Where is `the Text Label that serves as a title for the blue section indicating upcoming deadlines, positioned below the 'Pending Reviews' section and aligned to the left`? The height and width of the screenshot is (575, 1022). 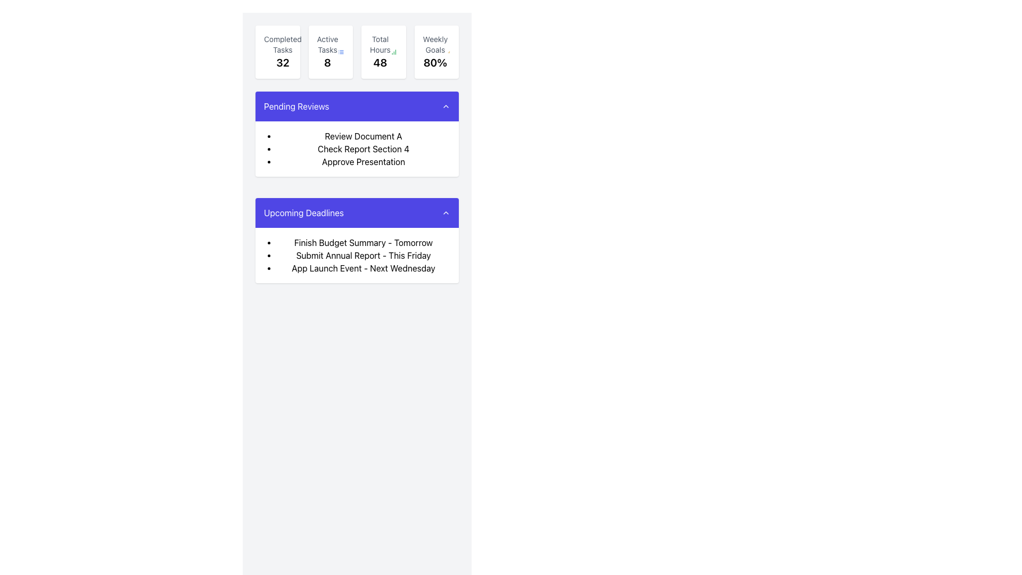
the Text Label that serves as a title for the blue section indicating upcoming deadlines, positioned below the 'Pending Reviews' section and aligned to the left is located at coordinates (303, 213).